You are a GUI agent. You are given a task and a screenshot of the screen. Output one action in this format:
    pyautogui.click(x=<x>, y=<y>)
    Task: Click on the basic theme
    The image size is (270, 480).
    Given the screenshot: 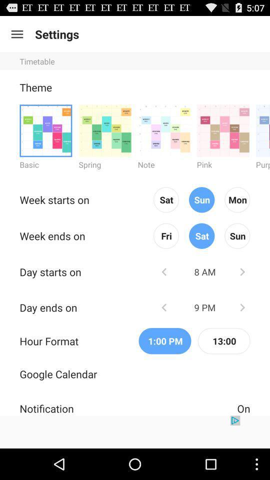 What is the action you would take?
    pyautogui.click(x=45, y=130)
    